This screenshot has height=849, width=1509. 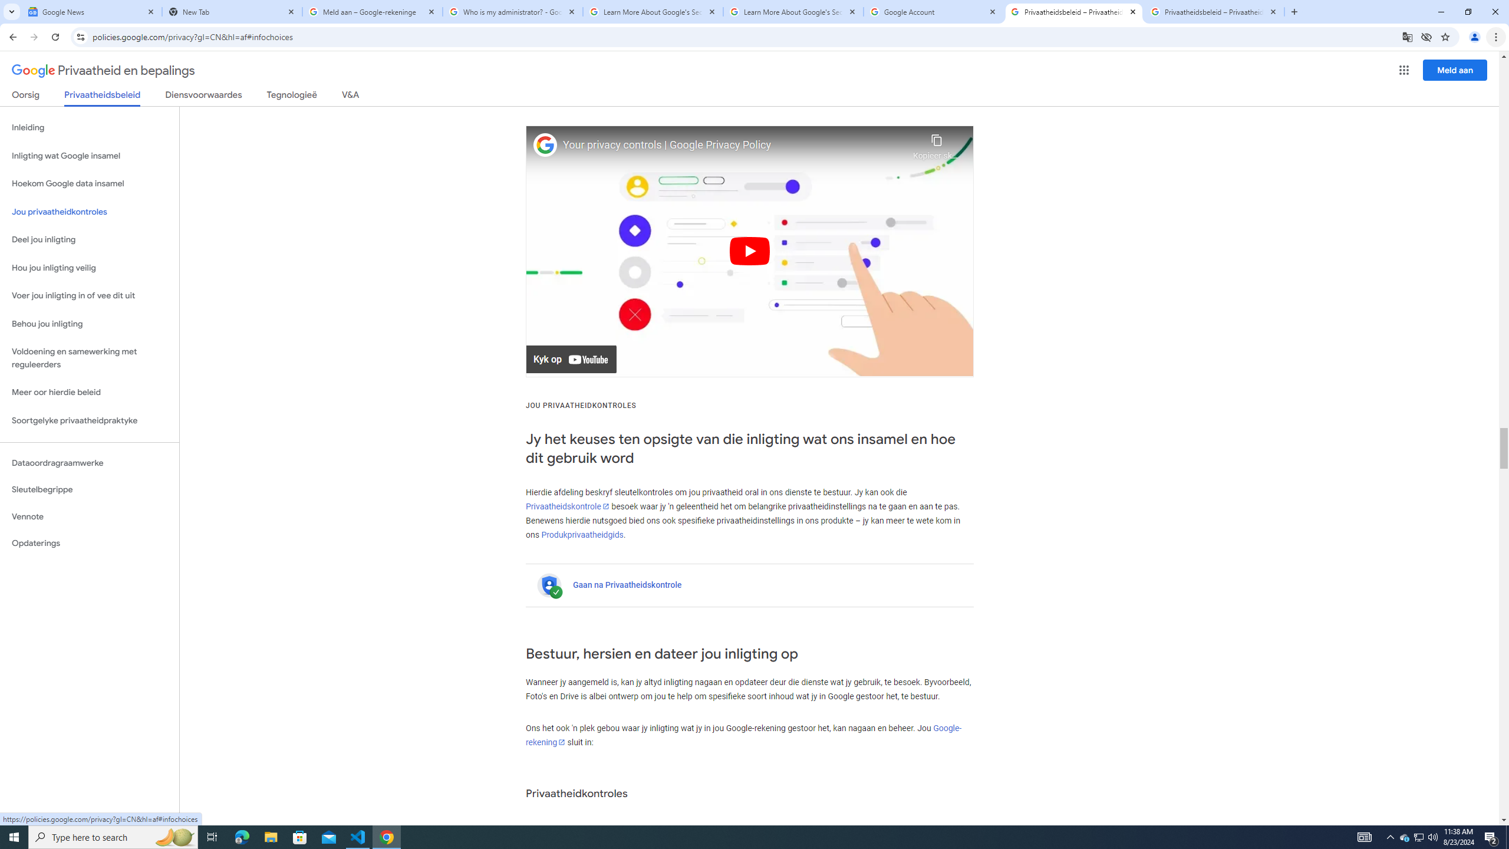 What do you see at coordinates (89, 268) in the screenshot?
I see `'Hou jou inligting veilig'` at bounding box center [89, 268].